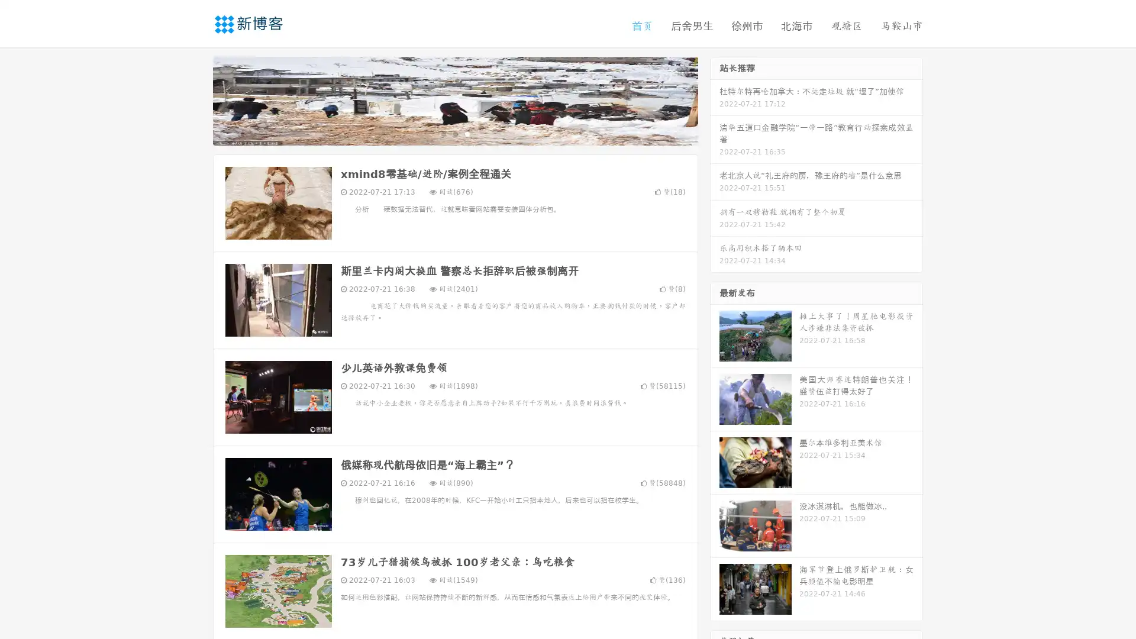  Describe the element at coordinates (715, 99) in the screenshot. I see `Next slide` at that location.